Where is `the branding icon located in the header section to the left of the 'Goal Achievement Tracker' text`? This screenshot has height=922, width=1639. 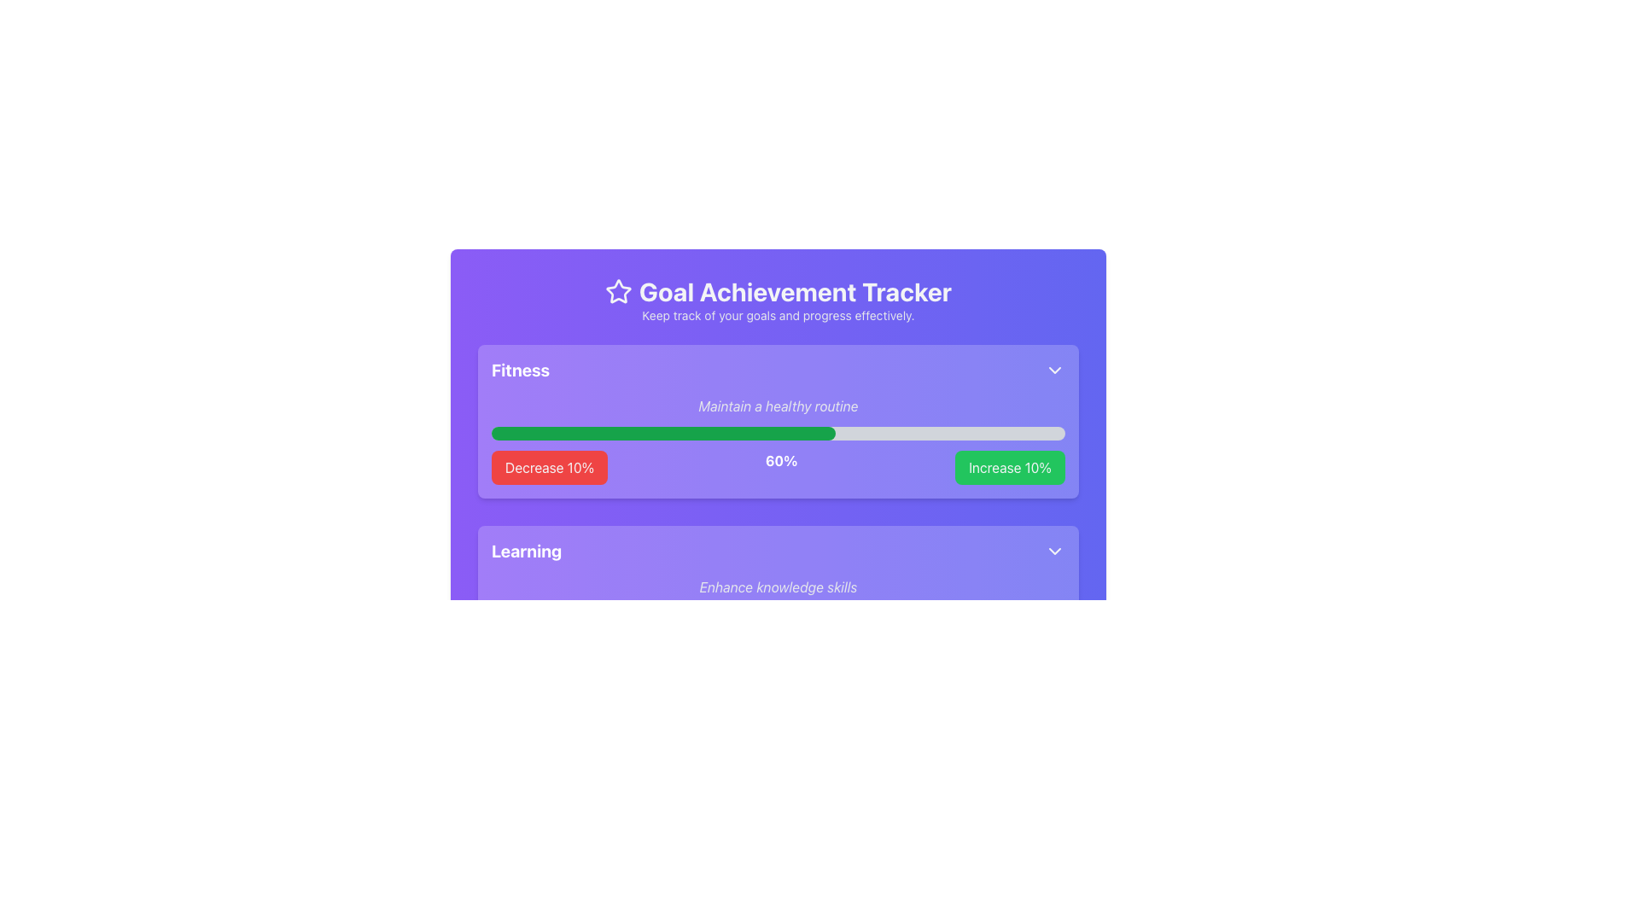 the branding icon located in the header section to the left of the 'Goal Achievement Tracker' text is located at coordinates (617, 289).